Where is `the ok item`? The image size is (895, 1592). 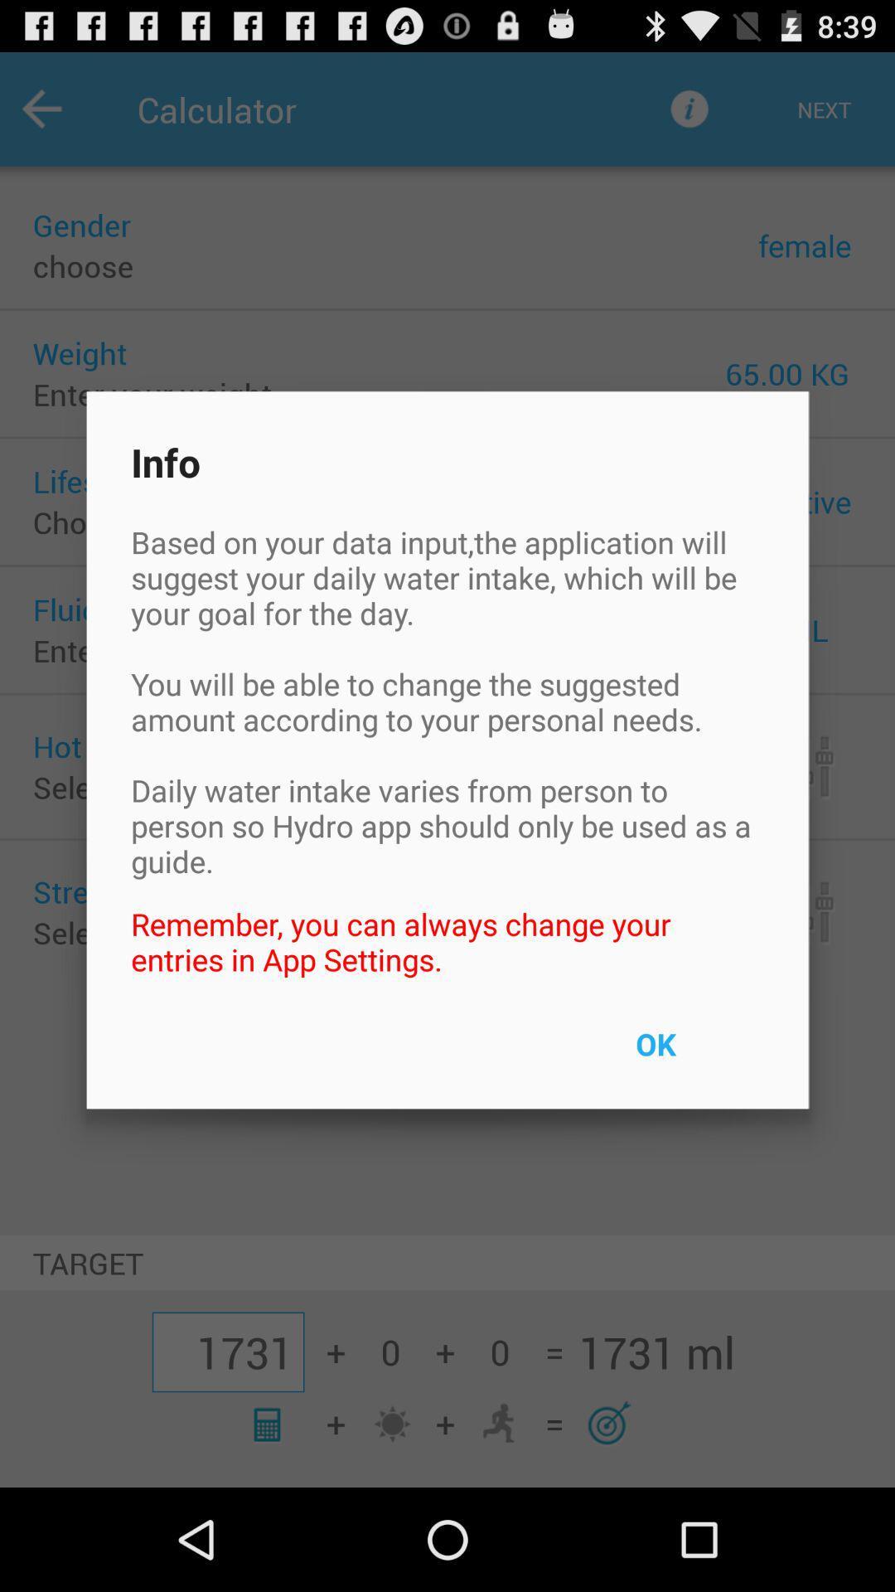
the ok item is located at coordinates (694, 1054).